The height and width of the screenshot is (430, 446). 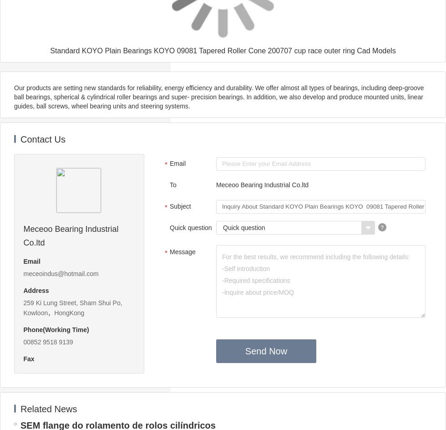 I want to click on 'Related News', so click(x=49, y=409).